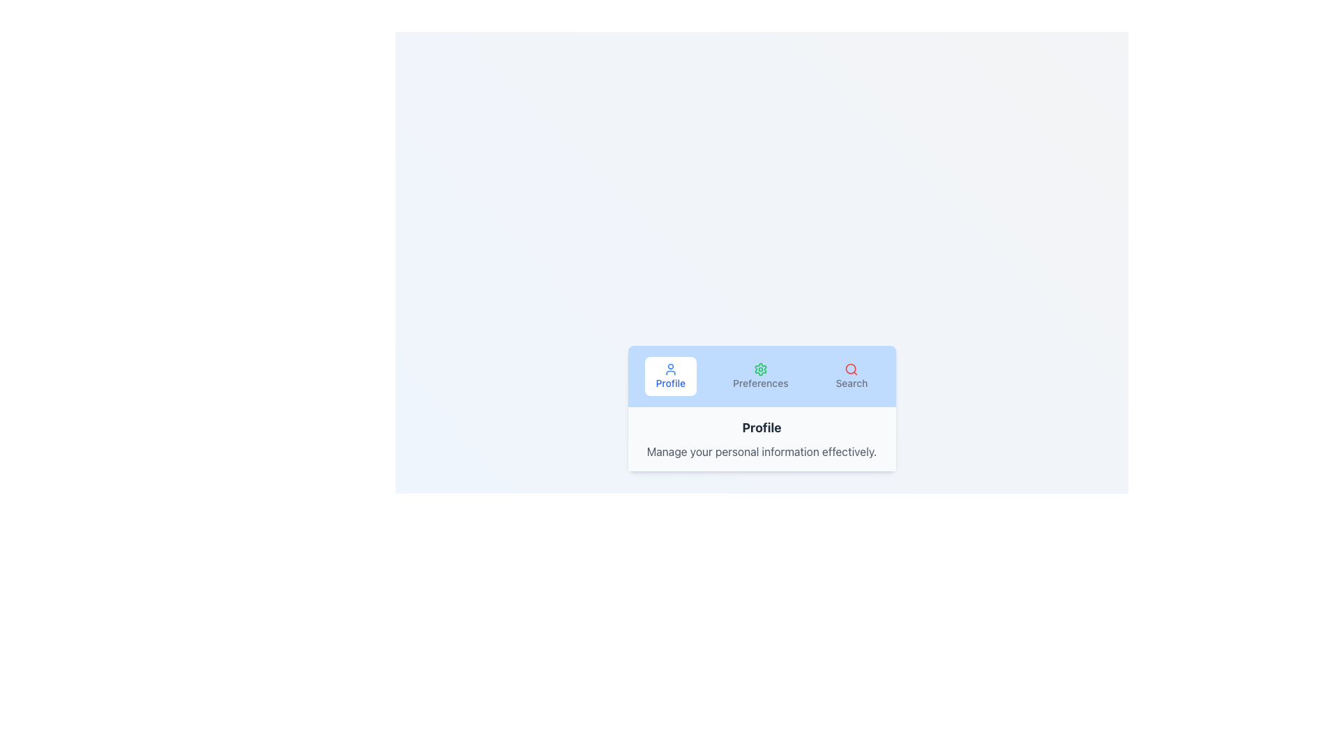 This screenshot has width=1339, height=753. I want to click on the 'Preferences' label located in the center section of the horizontal navigation bar, positioned beneath the green gear-shaped icon, so click(759, 383).